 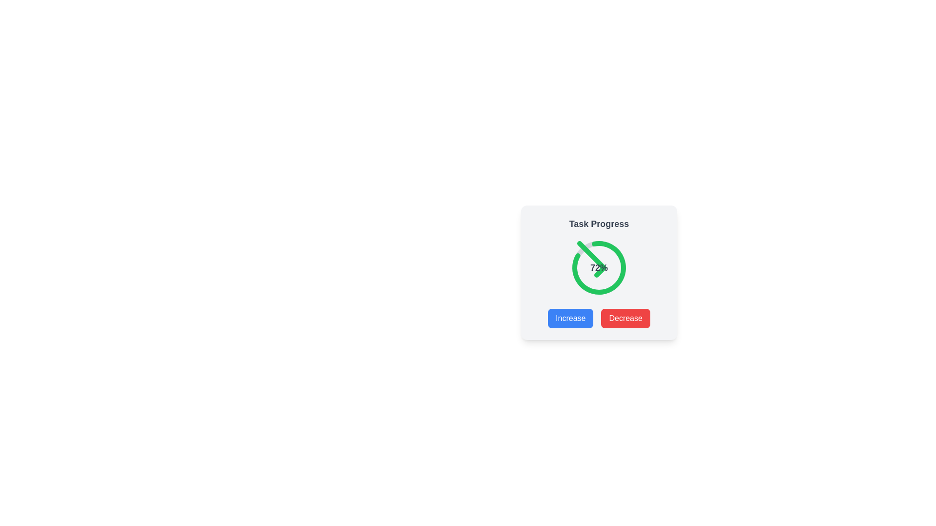 I want to click on the Circular Progress Bar displaying a progress status of 72%, located within the 'Task Progress' card component, so click(x=598, y=268).